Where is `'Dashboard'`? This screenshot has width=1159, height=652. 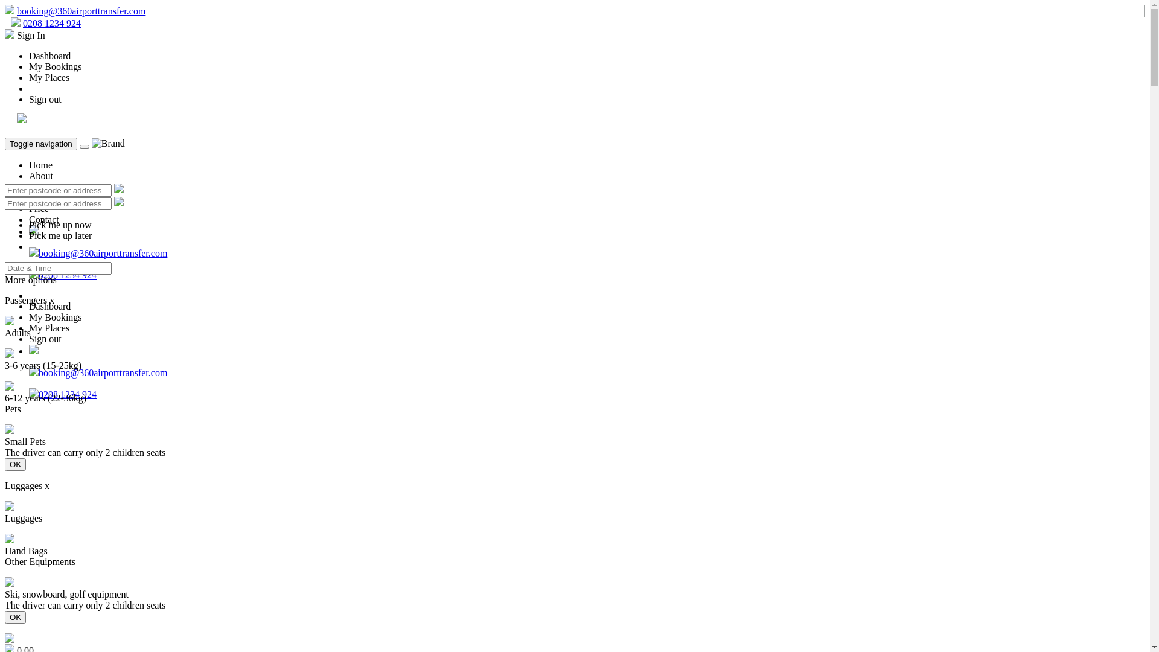
'Dashboard' is located at coordinates (49, 56).